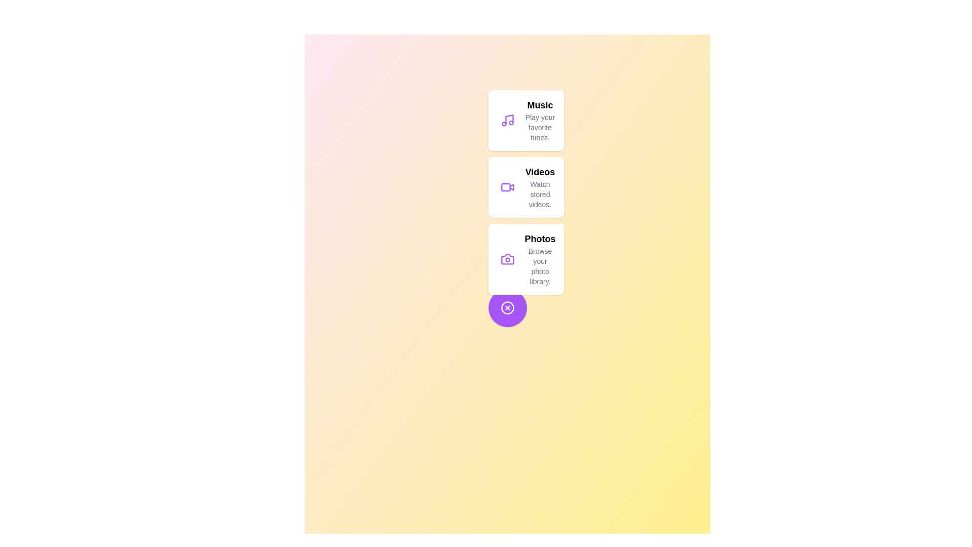  What do you see at coordinates (525, 259) in the screenshot?
I see `the 'Photos' option to browse the photo library` at bounding box center [525, 259].